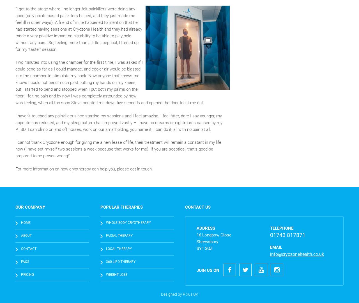  I want to click on 'Join us on', so click(208, 270).